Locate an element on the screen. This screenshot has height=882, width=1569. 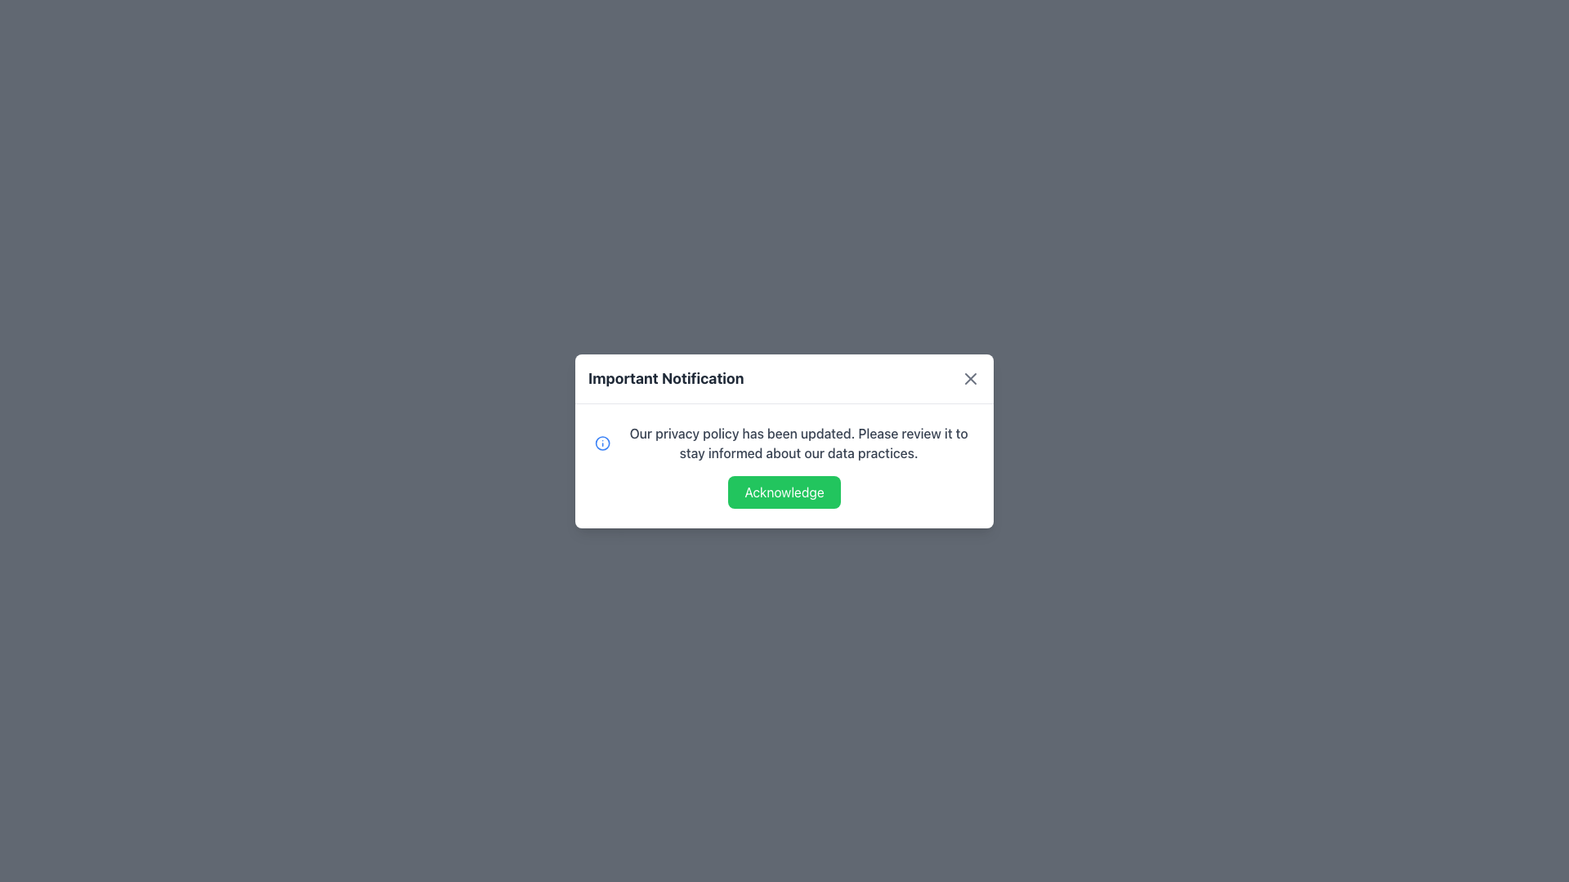
the information icon with a blue circular outline inside the notification dialog is located at coordinates (601, 443).